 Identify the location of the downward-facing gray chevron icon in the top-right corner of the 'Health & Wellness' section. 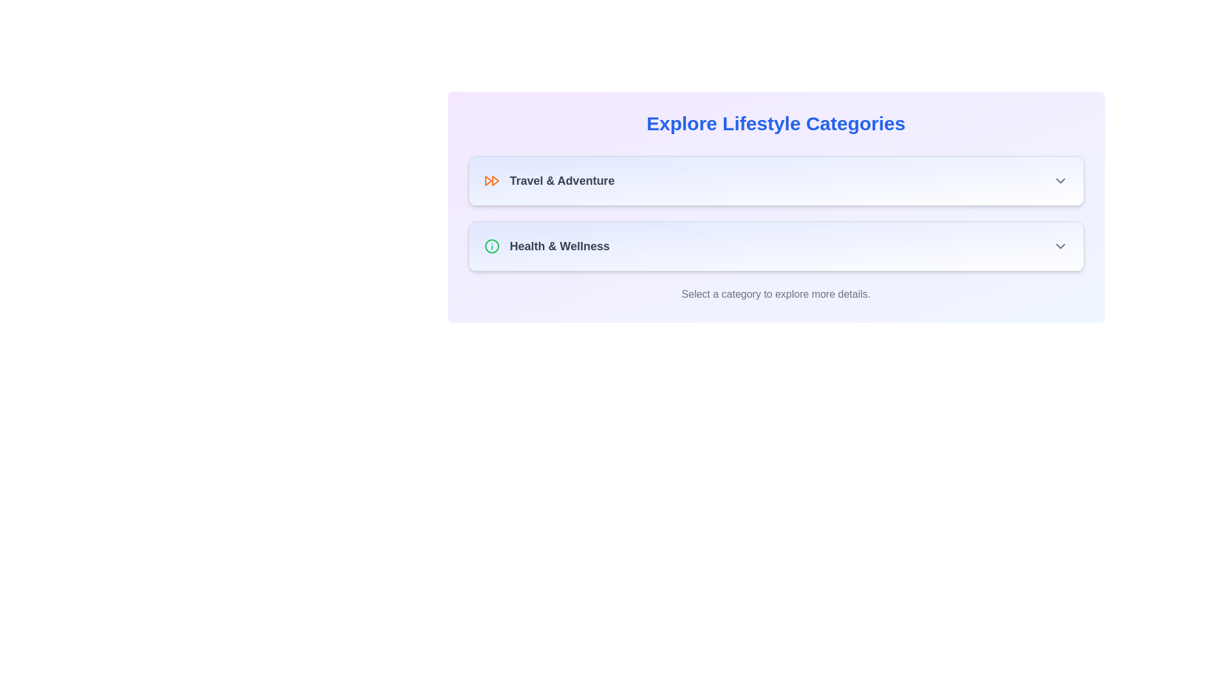
(1060, 246).